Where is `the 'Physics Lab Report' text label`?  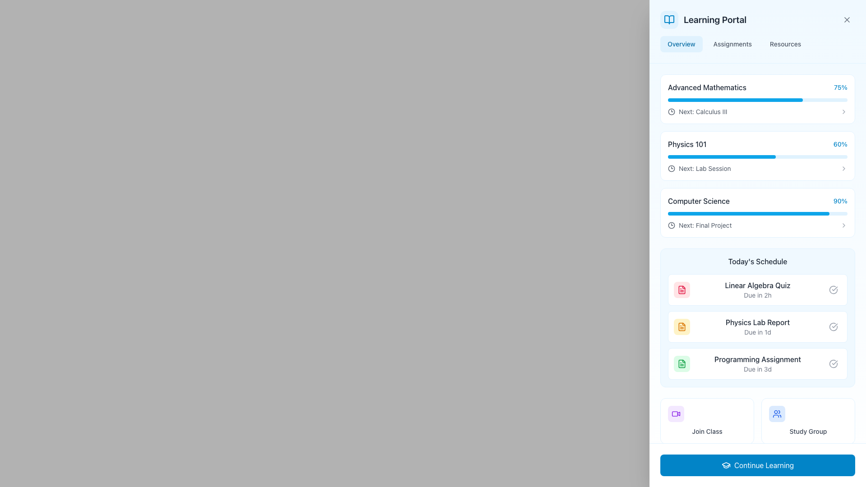 the 'Physics Lab Report' text label is located at coordinates (758, 322).